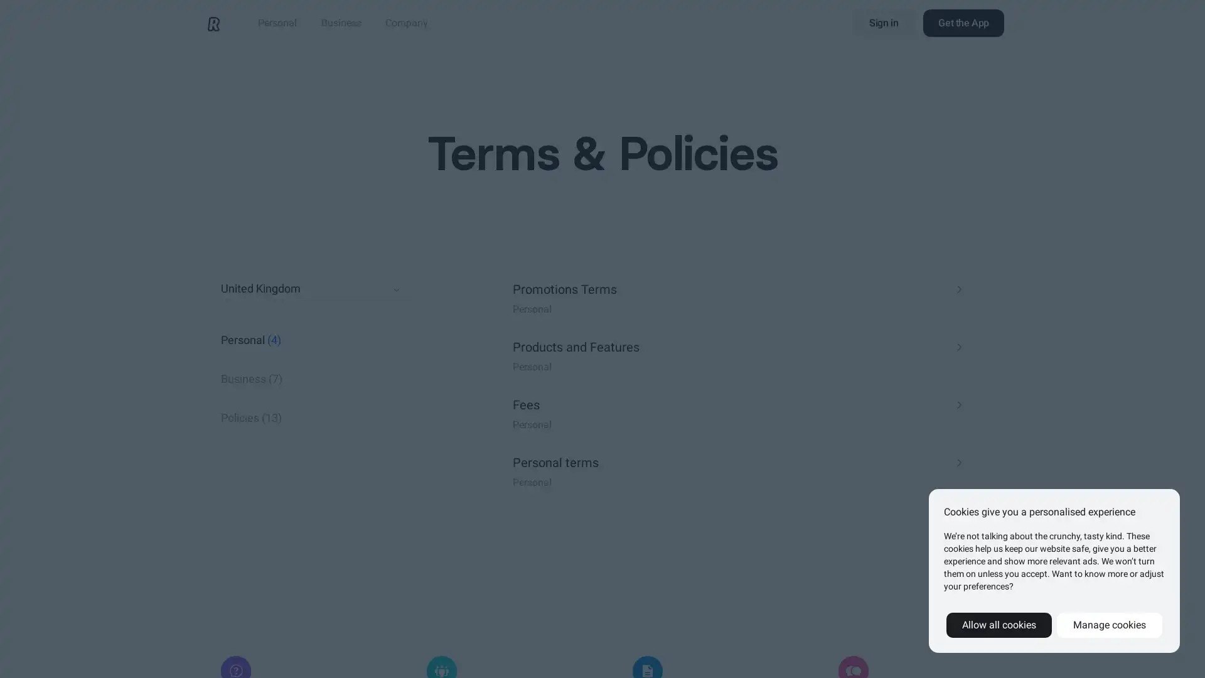 This screenshot has height=678, width=1205. I want to click on Manage cookies, so click(1109, 625).